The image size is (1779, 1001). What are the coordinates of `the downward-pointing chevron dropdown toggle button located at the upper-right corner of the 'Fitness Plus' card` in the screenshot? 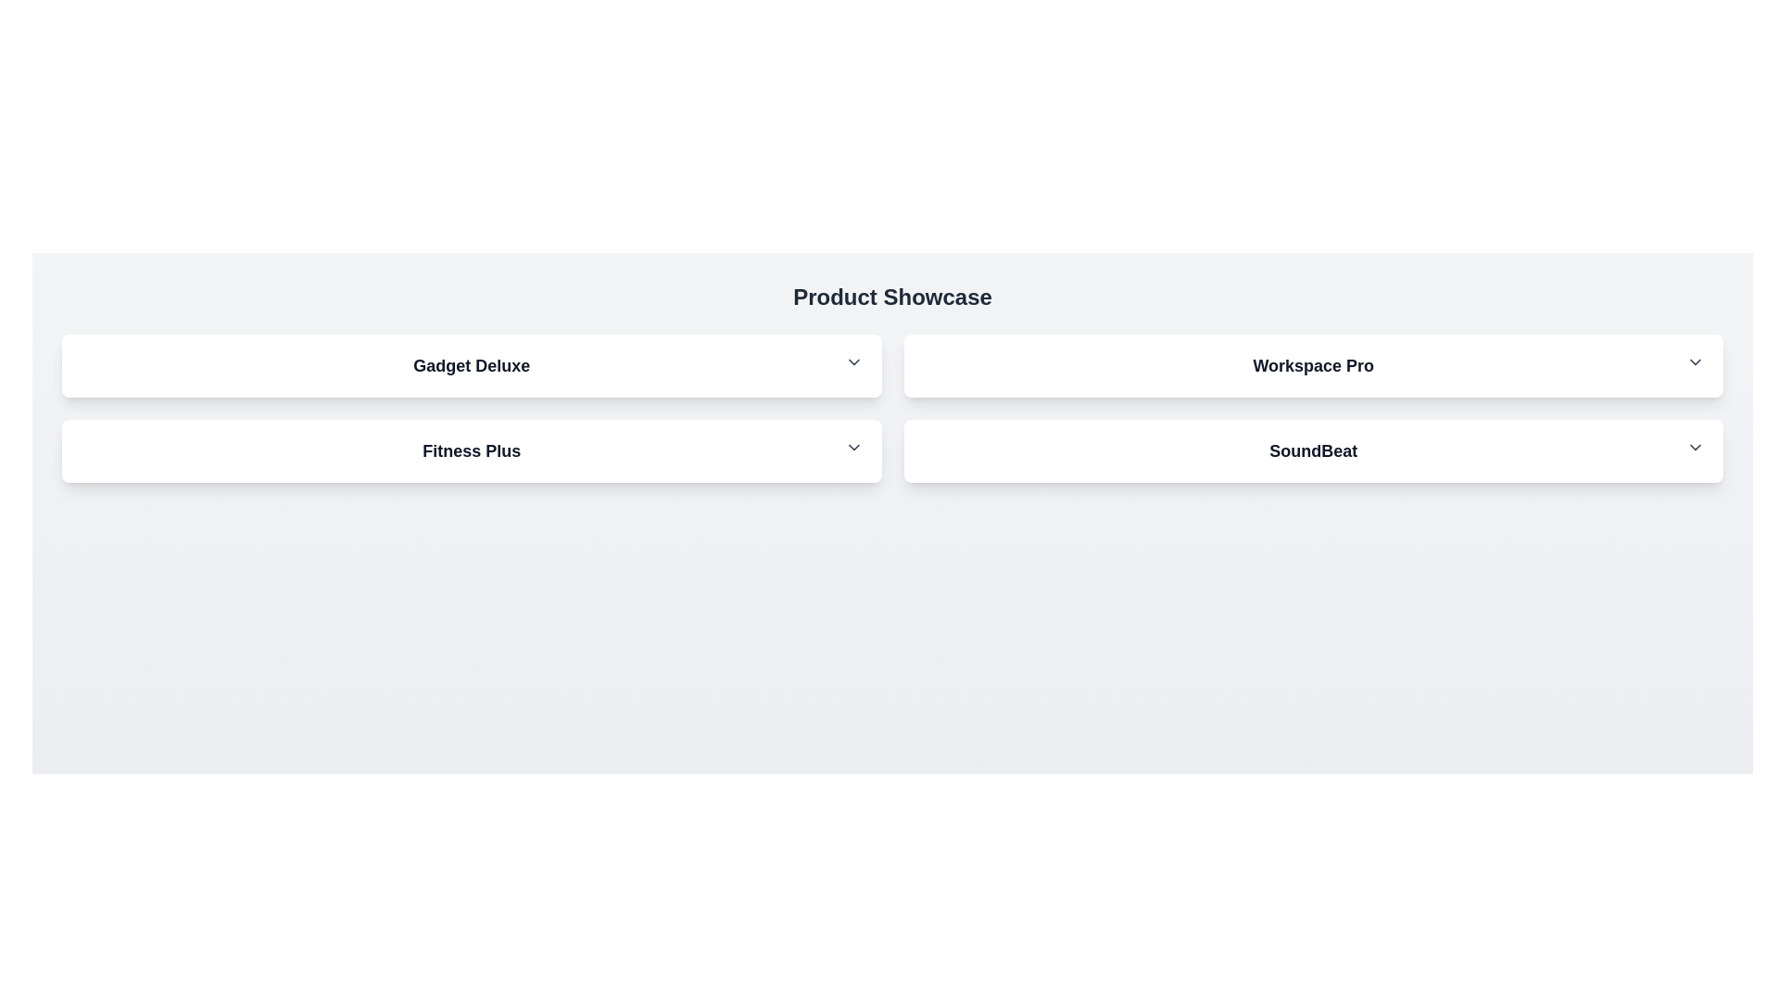 It's located at (852, 447).